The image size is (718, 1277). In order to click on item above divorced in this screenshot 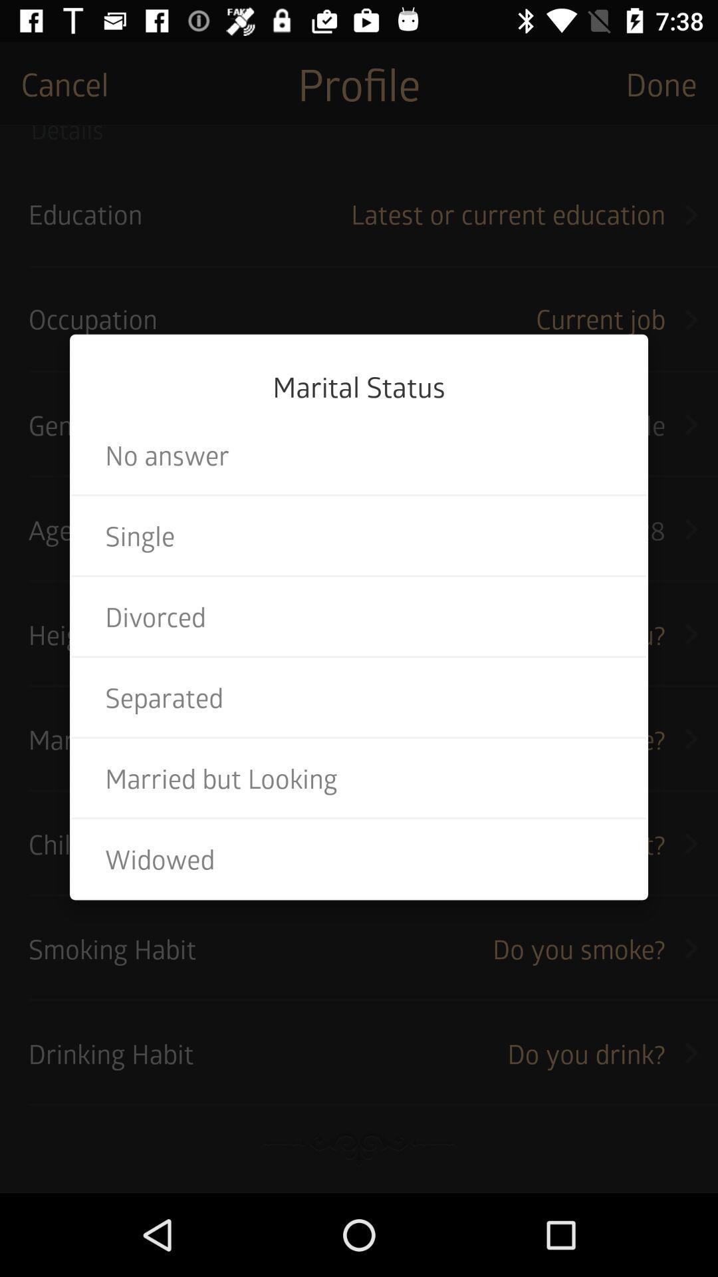, I will do `click(359, 535)`.